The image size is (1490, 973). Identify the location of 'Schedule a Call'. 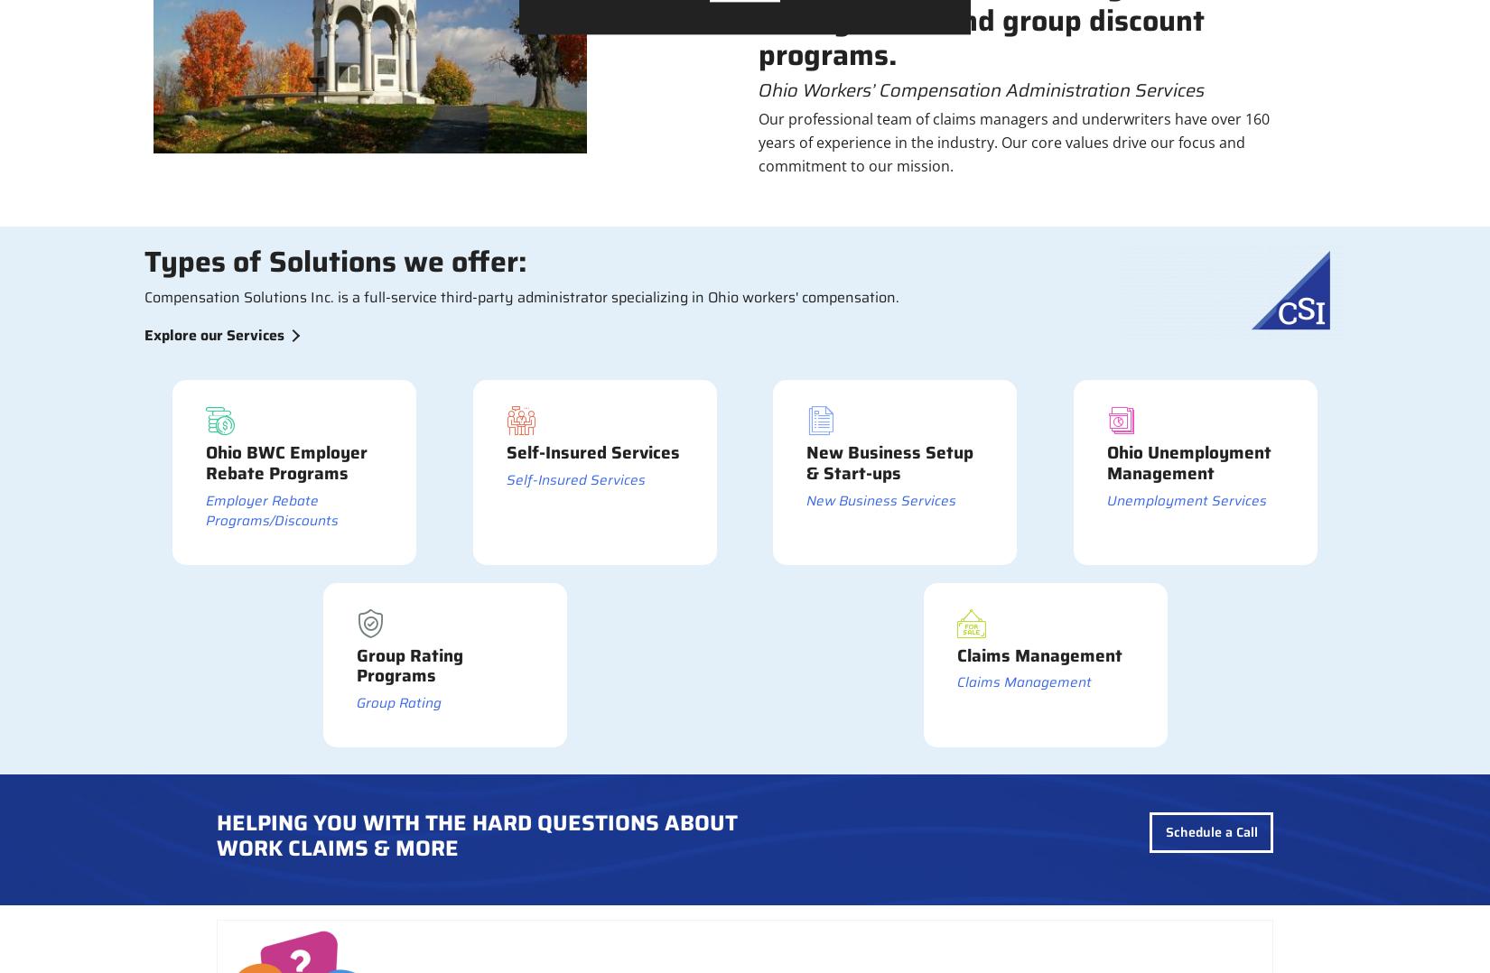
(1209, 832).